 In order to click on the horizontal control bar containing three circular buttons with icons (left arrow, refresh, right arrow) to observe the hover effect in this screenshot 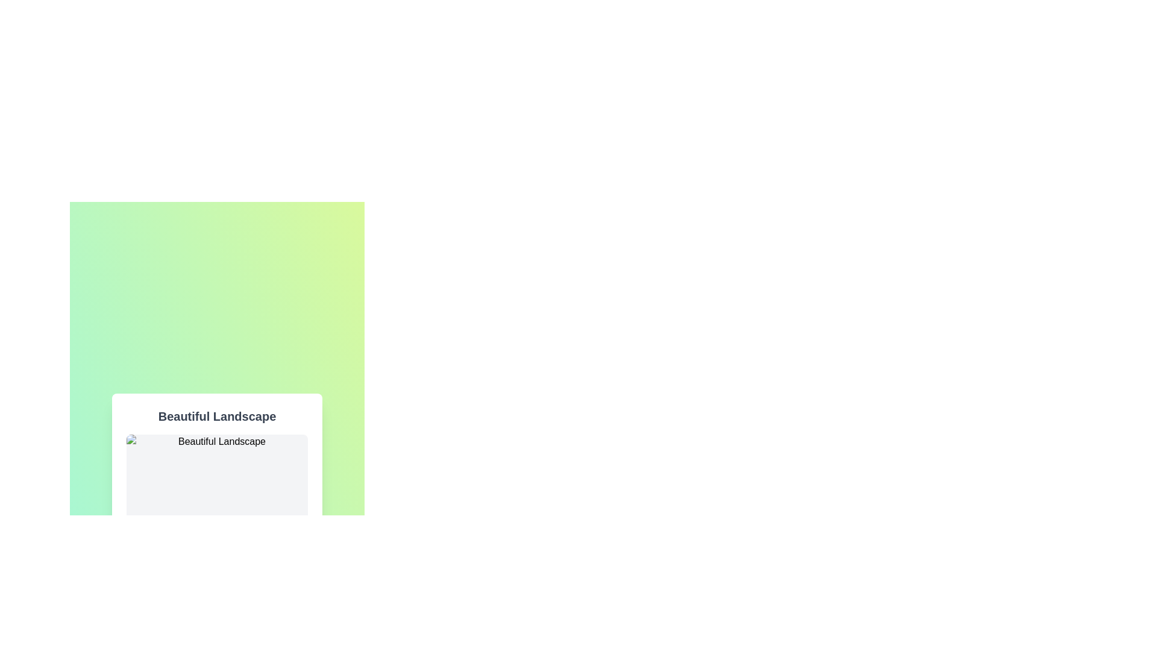, I will do `click(217, 634)`.